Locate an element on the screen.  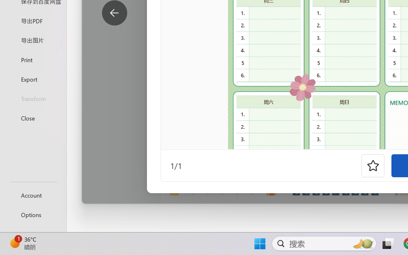
'Print' is located at coordinates (33, 59).